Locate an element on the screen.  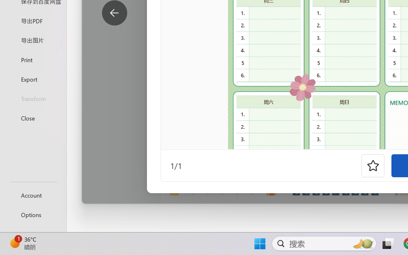
'Print' is located at coordinates (33, 59).